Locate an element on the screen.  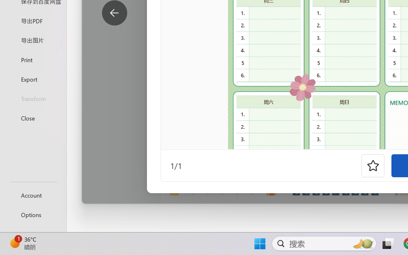
'Print' is located at coordinates (33, 59).